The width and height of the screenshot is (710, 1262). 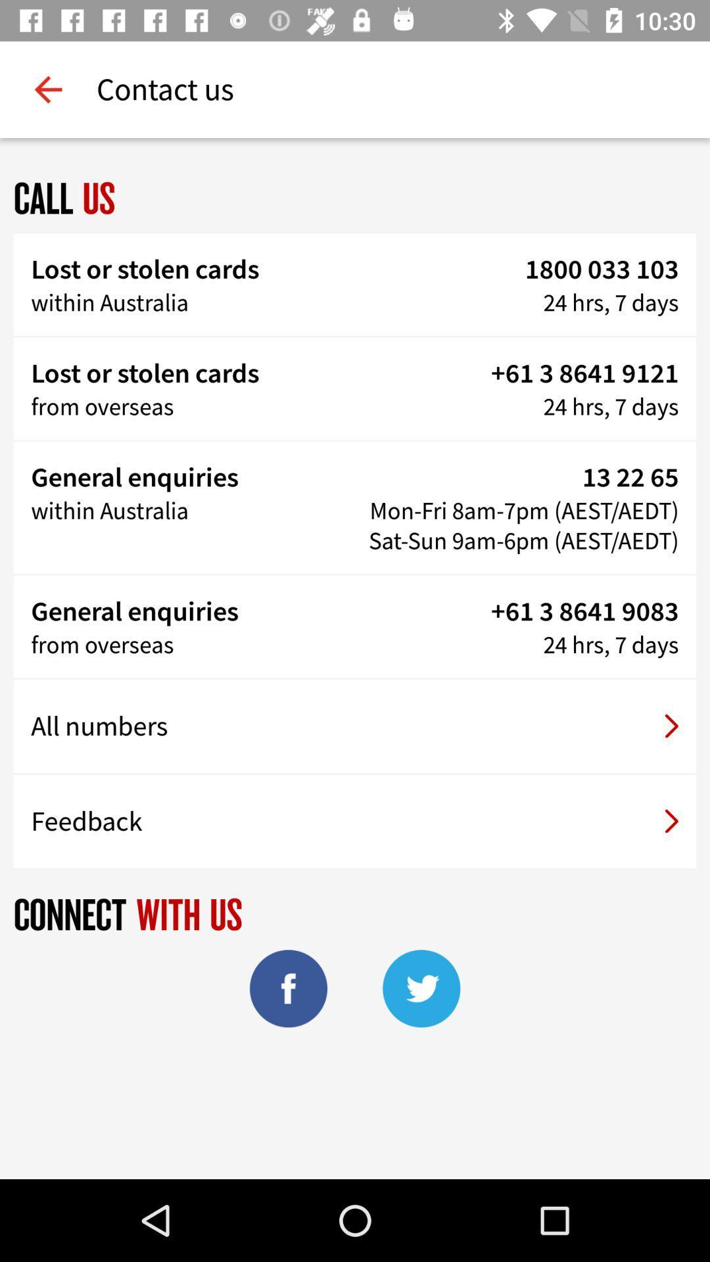 What do you see at coordinates (47, 89) in the screenshot?
I see `icon above call us item` at bounding box center [47, 89].